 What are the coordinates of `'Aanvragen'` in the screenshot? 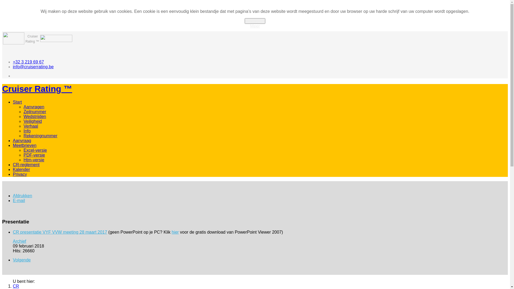 It's located at (33, 107).